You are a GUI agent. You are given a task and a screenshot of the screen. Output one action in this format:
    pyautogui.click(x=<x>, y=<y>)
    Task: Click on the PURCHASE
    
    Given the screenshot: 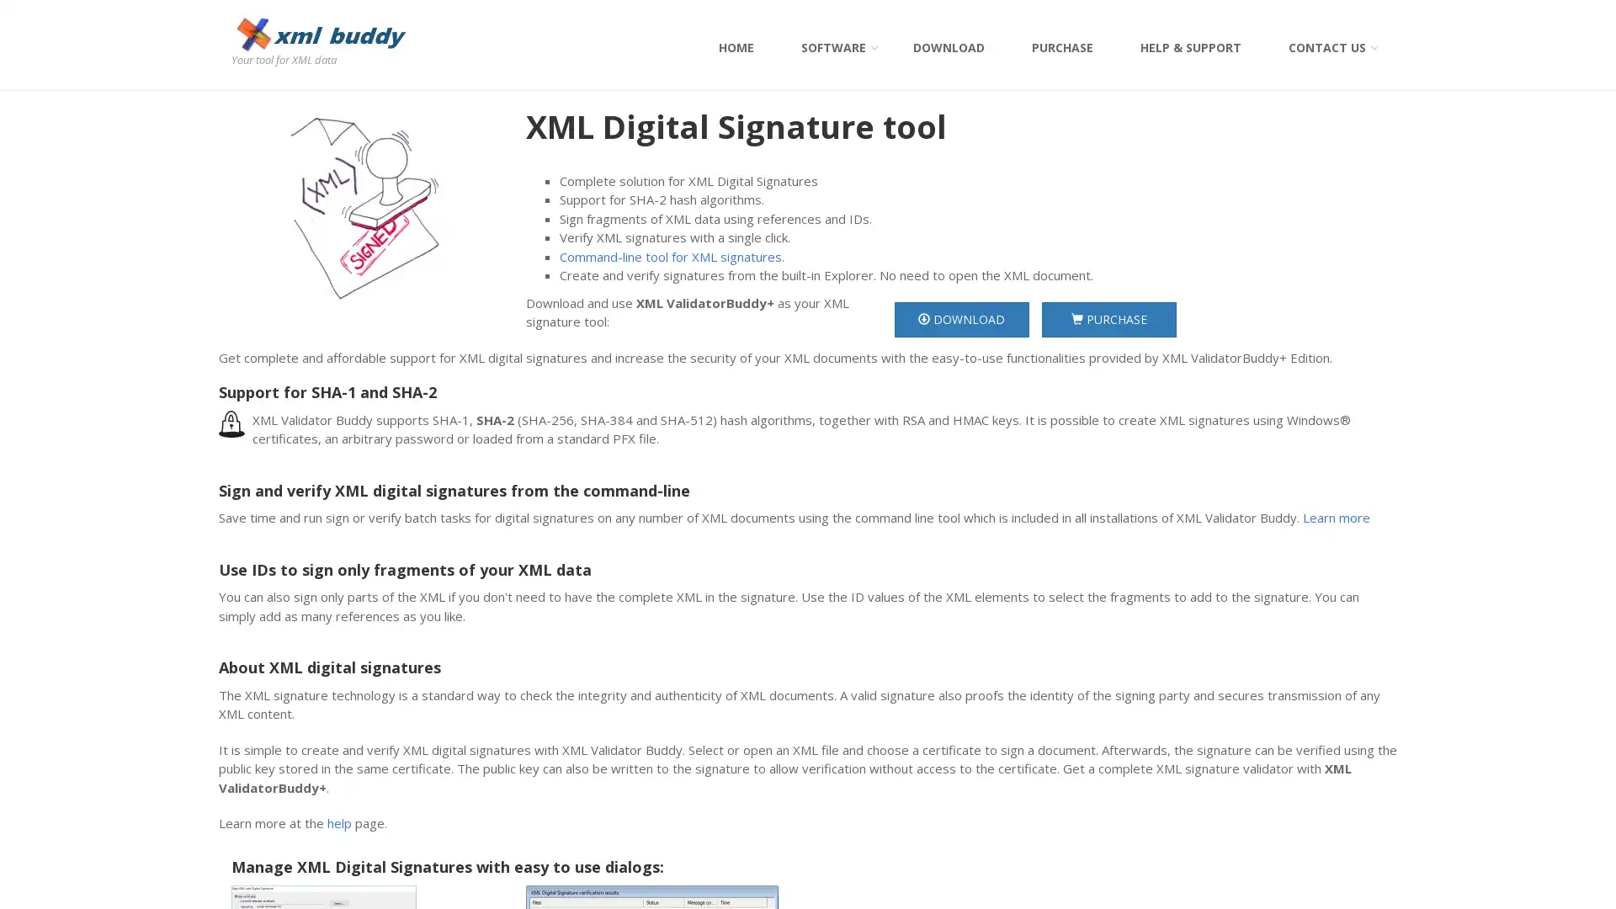 What is the action you would take?
    pyautogui.click(x=1108, y=318)
    